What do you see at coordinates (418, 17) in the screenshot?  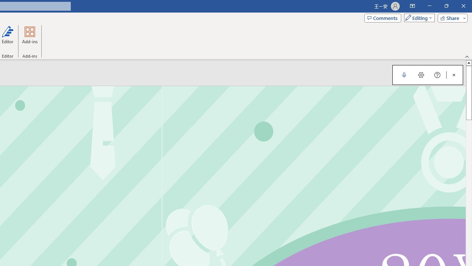 I see `'Mode'` at bounding box center [418, 17].